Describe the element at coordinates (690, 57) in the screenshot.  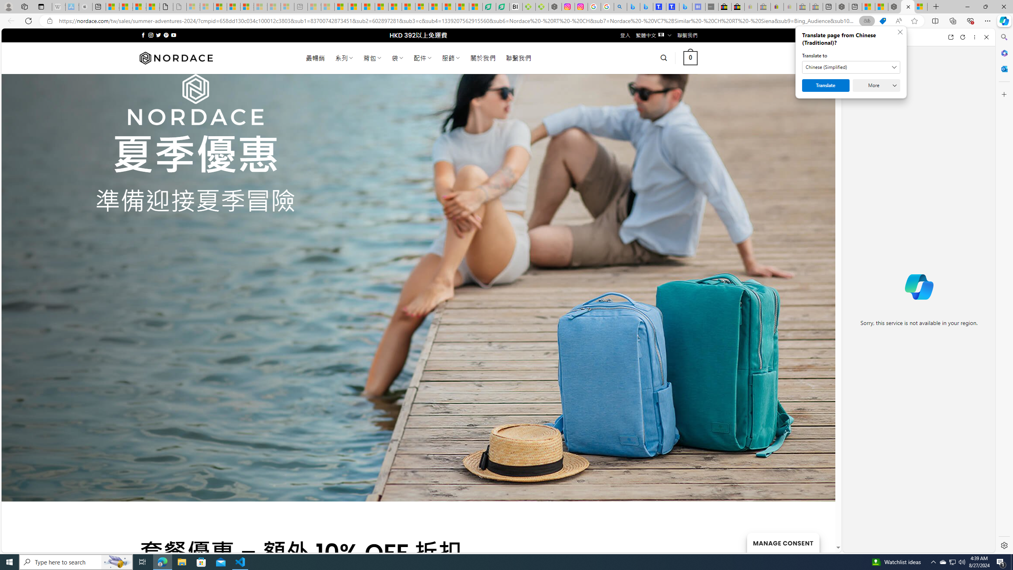
I see `' 0 '` at that location.